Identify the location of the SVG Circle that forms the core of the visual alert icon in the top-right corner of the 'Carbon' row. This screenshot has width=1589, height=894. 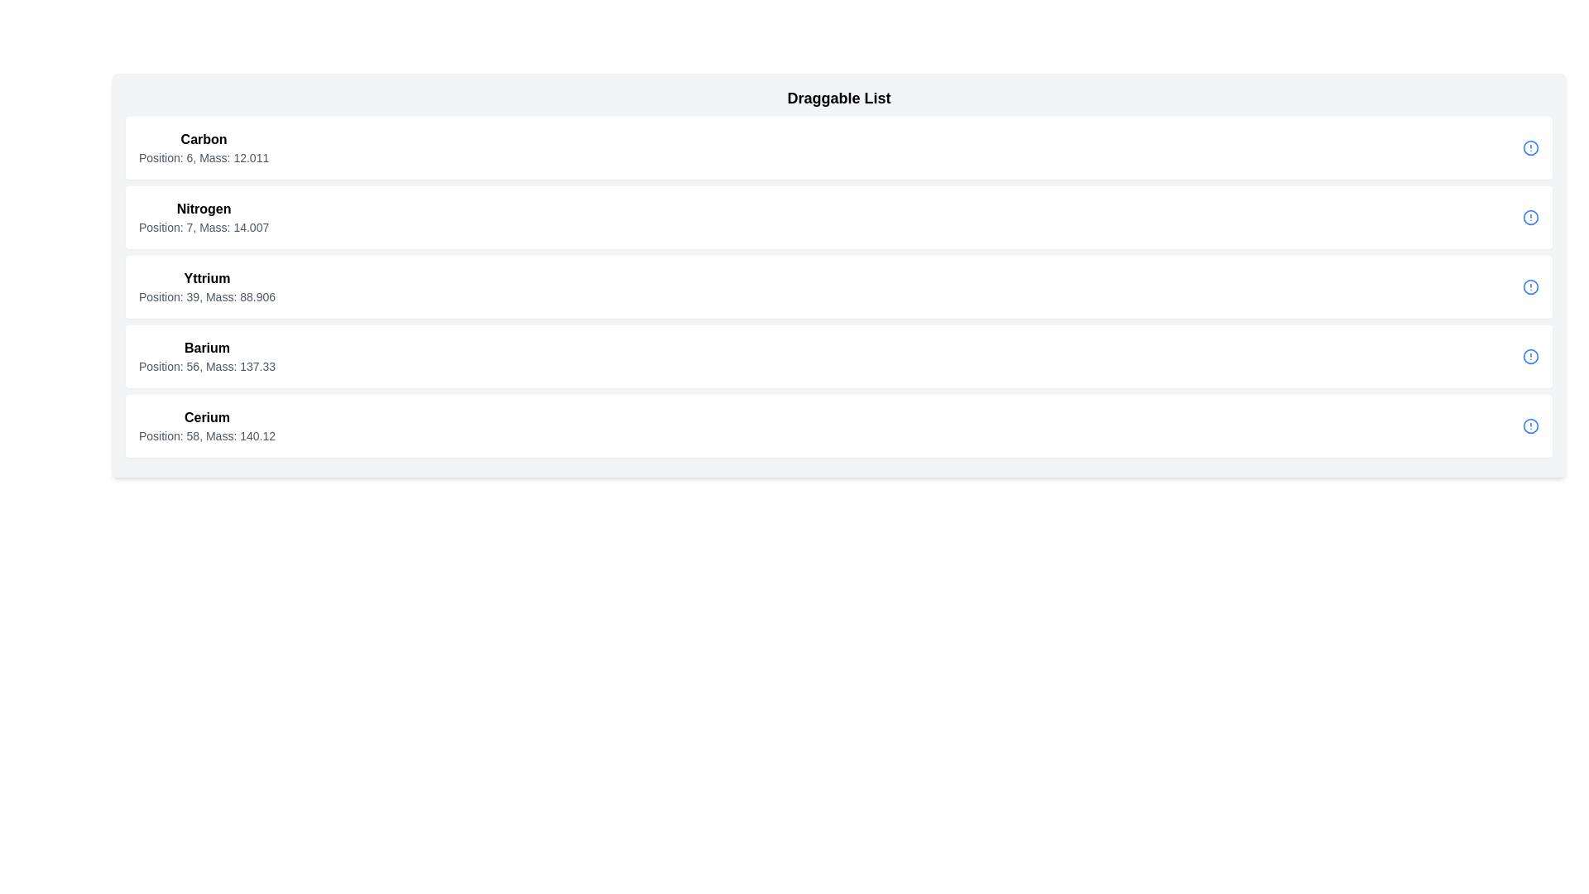
(1529, 147).